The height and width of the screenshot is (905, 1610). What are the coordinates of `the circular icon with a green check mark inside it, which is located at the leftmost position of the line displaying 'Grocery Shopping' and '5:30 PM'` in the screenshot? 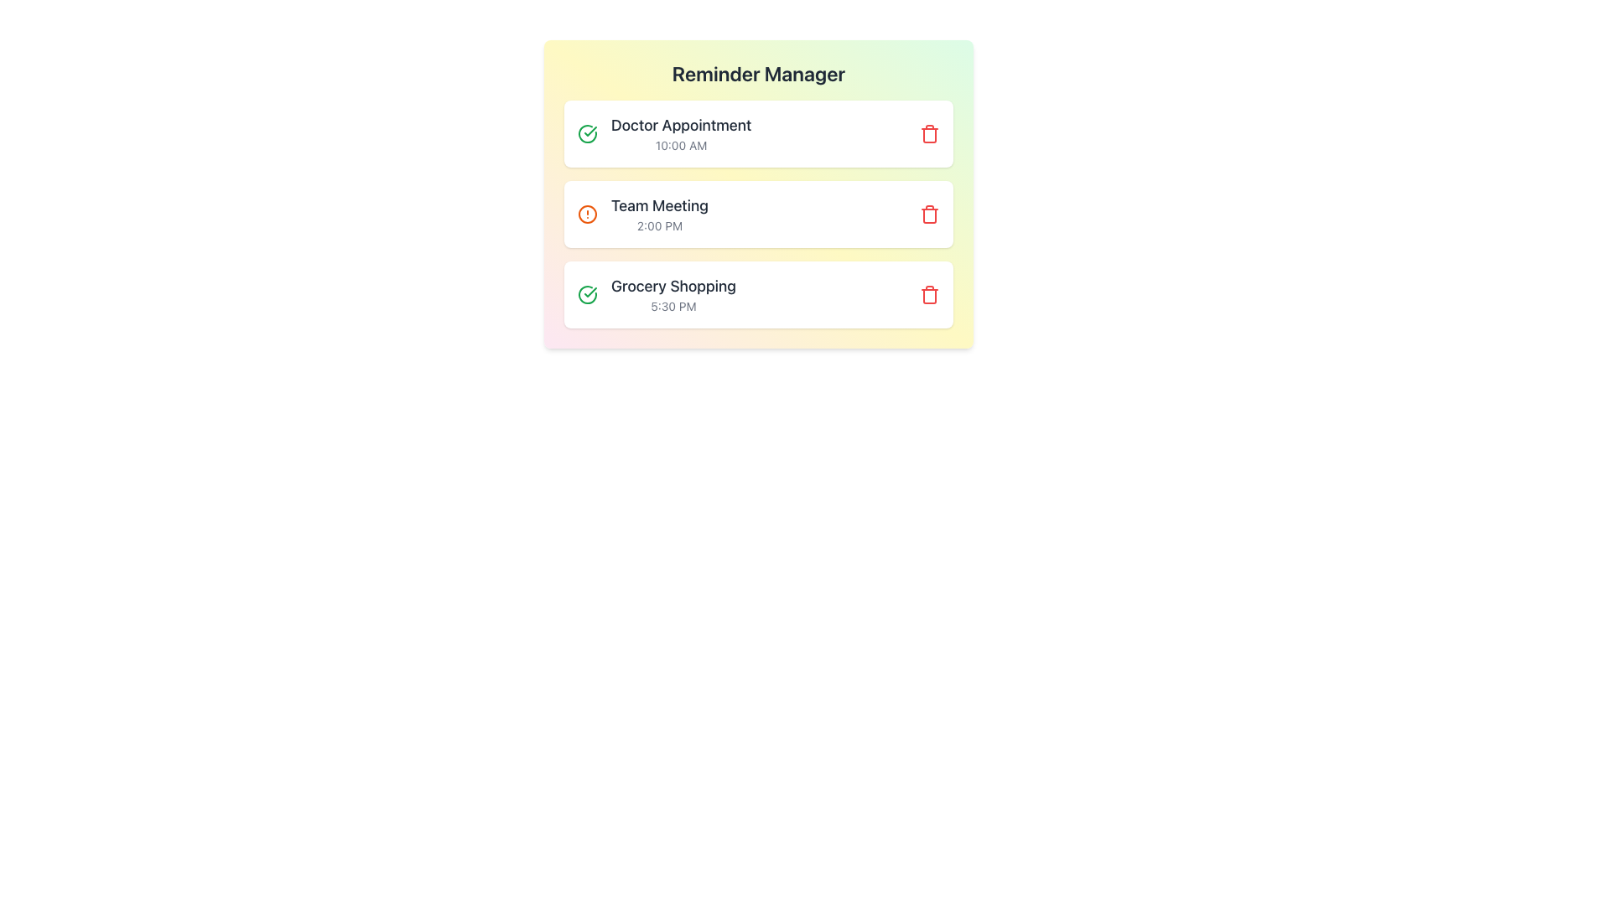 It's located at (587, 293).